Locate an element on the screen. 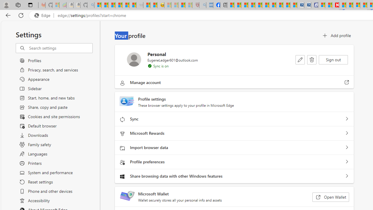  'World - MSN' is located at coordinates (244, 5).